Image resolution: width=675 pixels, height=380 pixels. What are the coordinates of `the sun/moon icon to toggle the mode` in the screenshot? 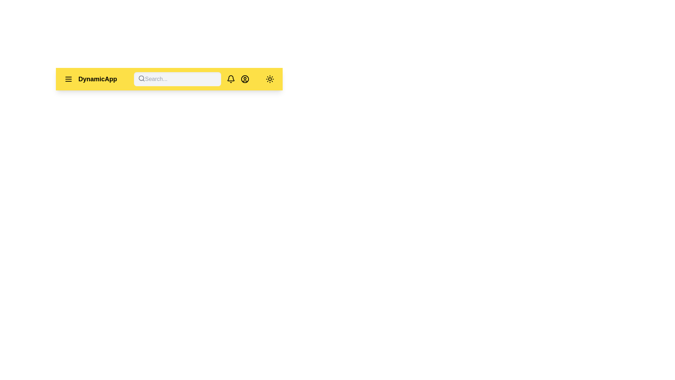 It's located at (270, 79).